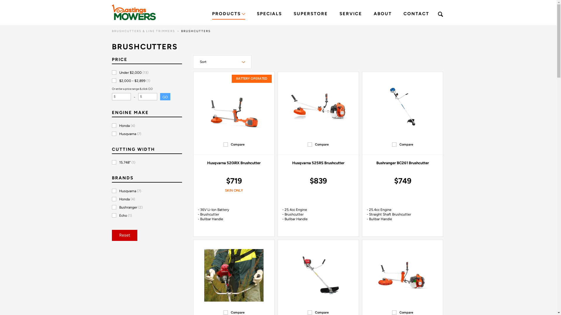  Describe the element at coordinates (269, 14) in the screenshot. I see `'SPECIALS'` at that location.